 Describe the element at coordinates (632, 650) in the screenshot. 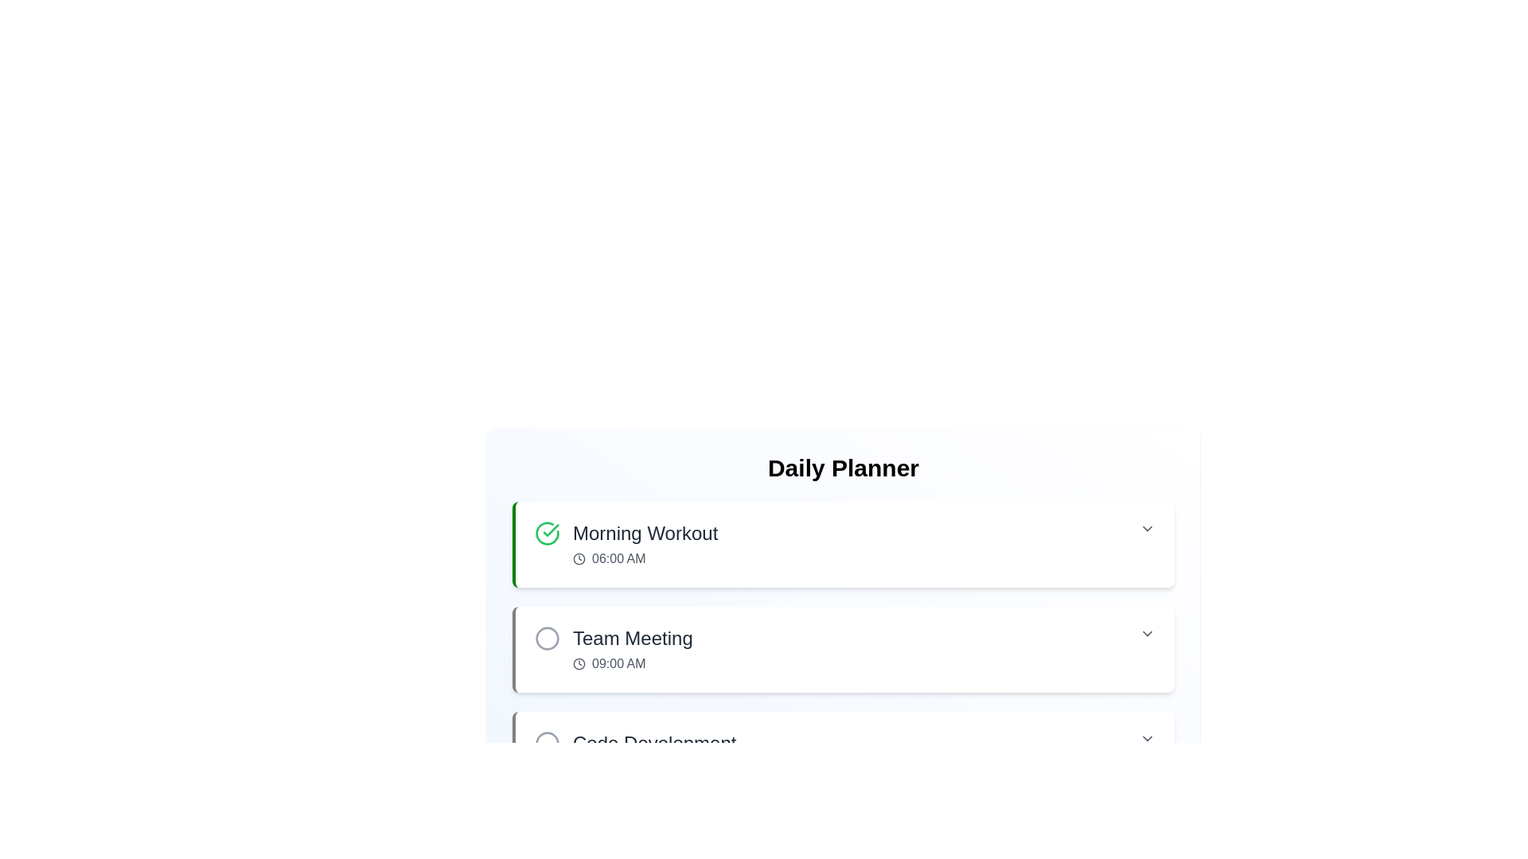

I see `on the 'Team Meeting' text display with embedded clock icon, which includes the time '09:00 AM' and is located under the 'Daily Planner' heading` at that location.